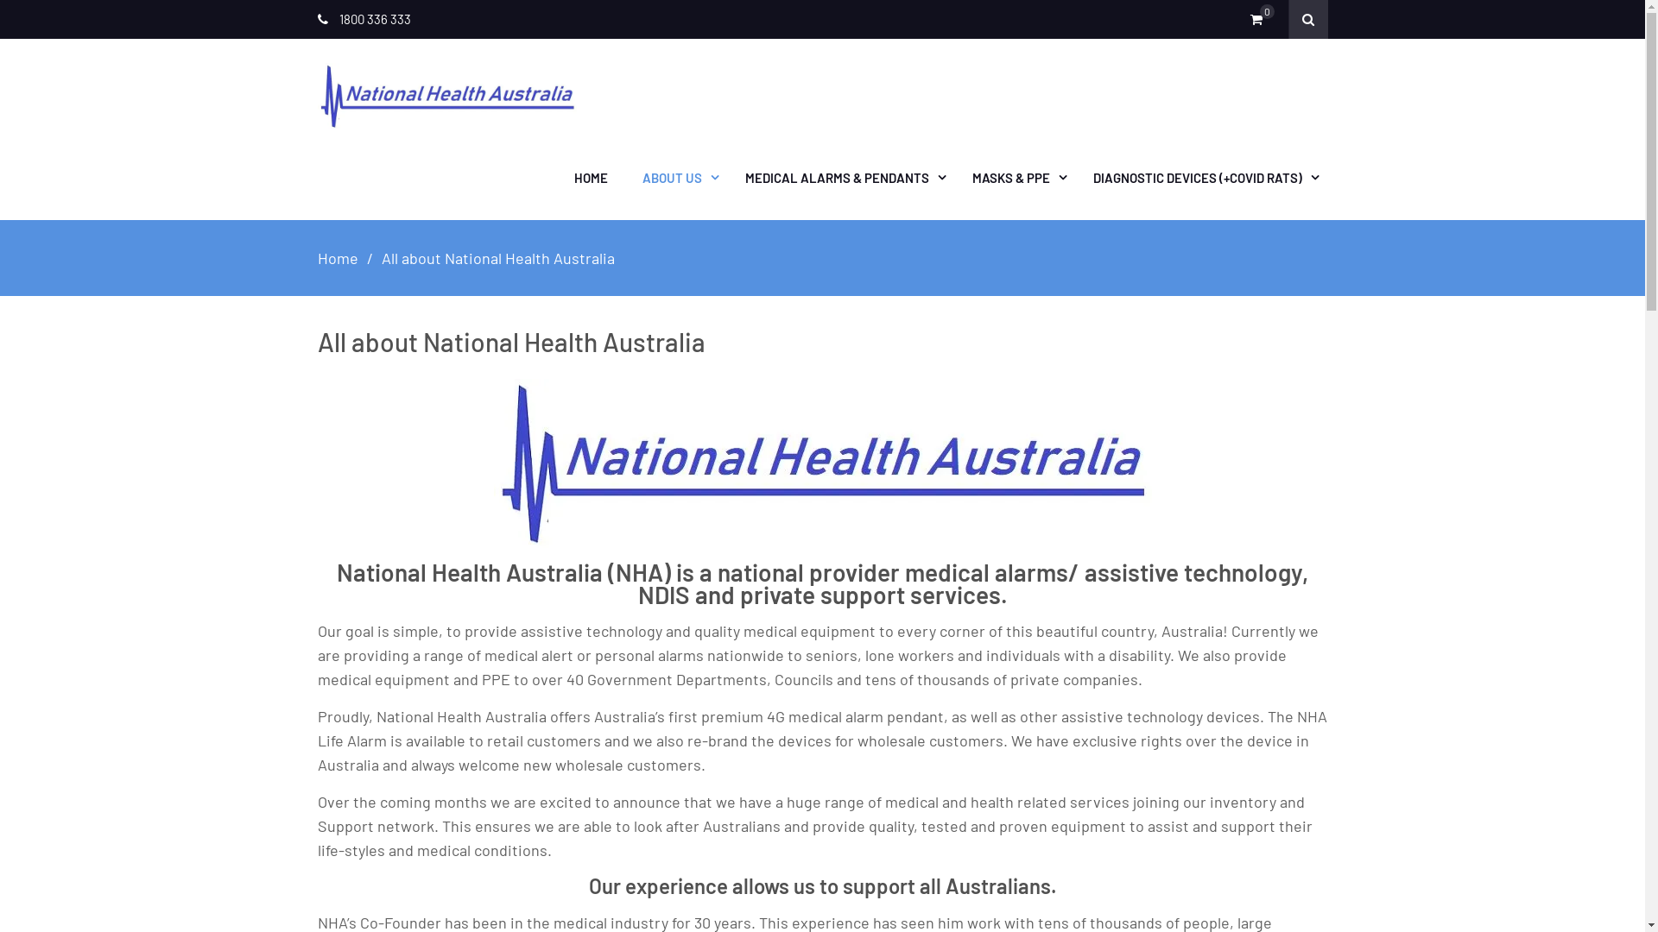 The width and height of the screenshot is (1658, 932). Describe the element at coordinates (1016, 177) in the screenshot. I see `'MASKS & PPE'` at that location.